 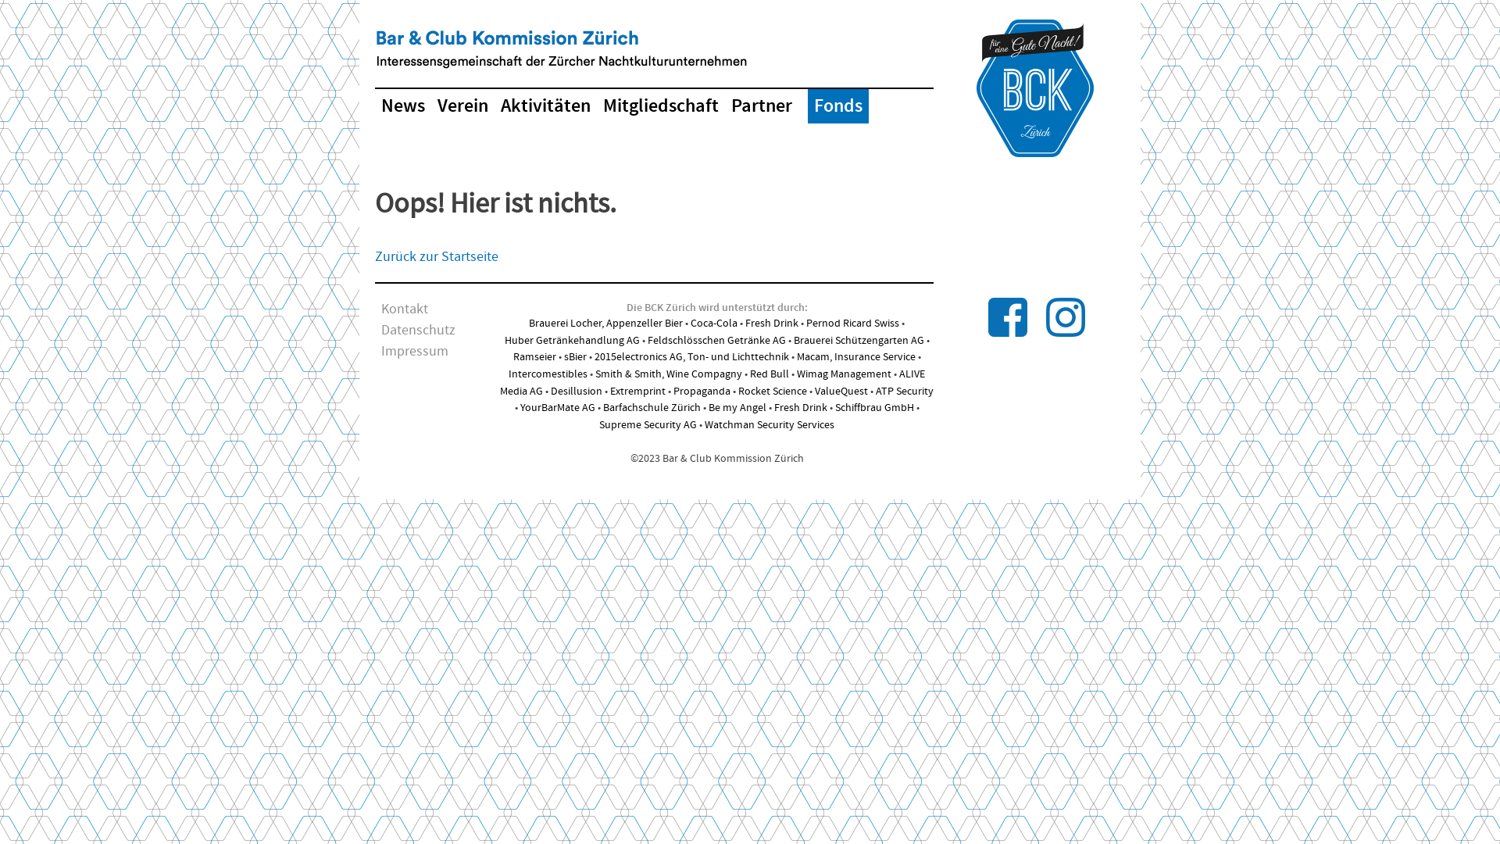 What do you see at coordinates (574, 356) in the screenshot?
I see `'sBier'` at bounding box center [574, 356].